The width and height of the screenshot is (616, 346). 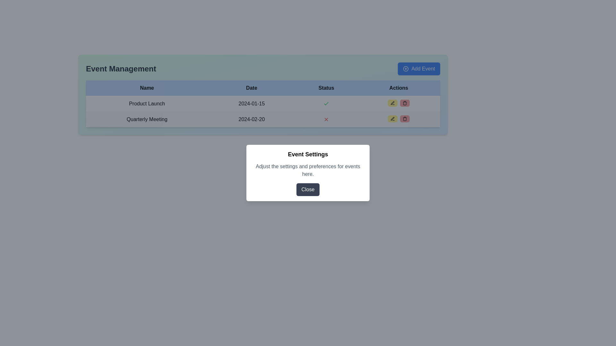 What do you see at coordinates (419, 69) in the screenshot?
I see `the interactive button located in the top-right corner of the 'Event Management' interface to initiate the process of adding a new event` at bounding box center [419, 69].